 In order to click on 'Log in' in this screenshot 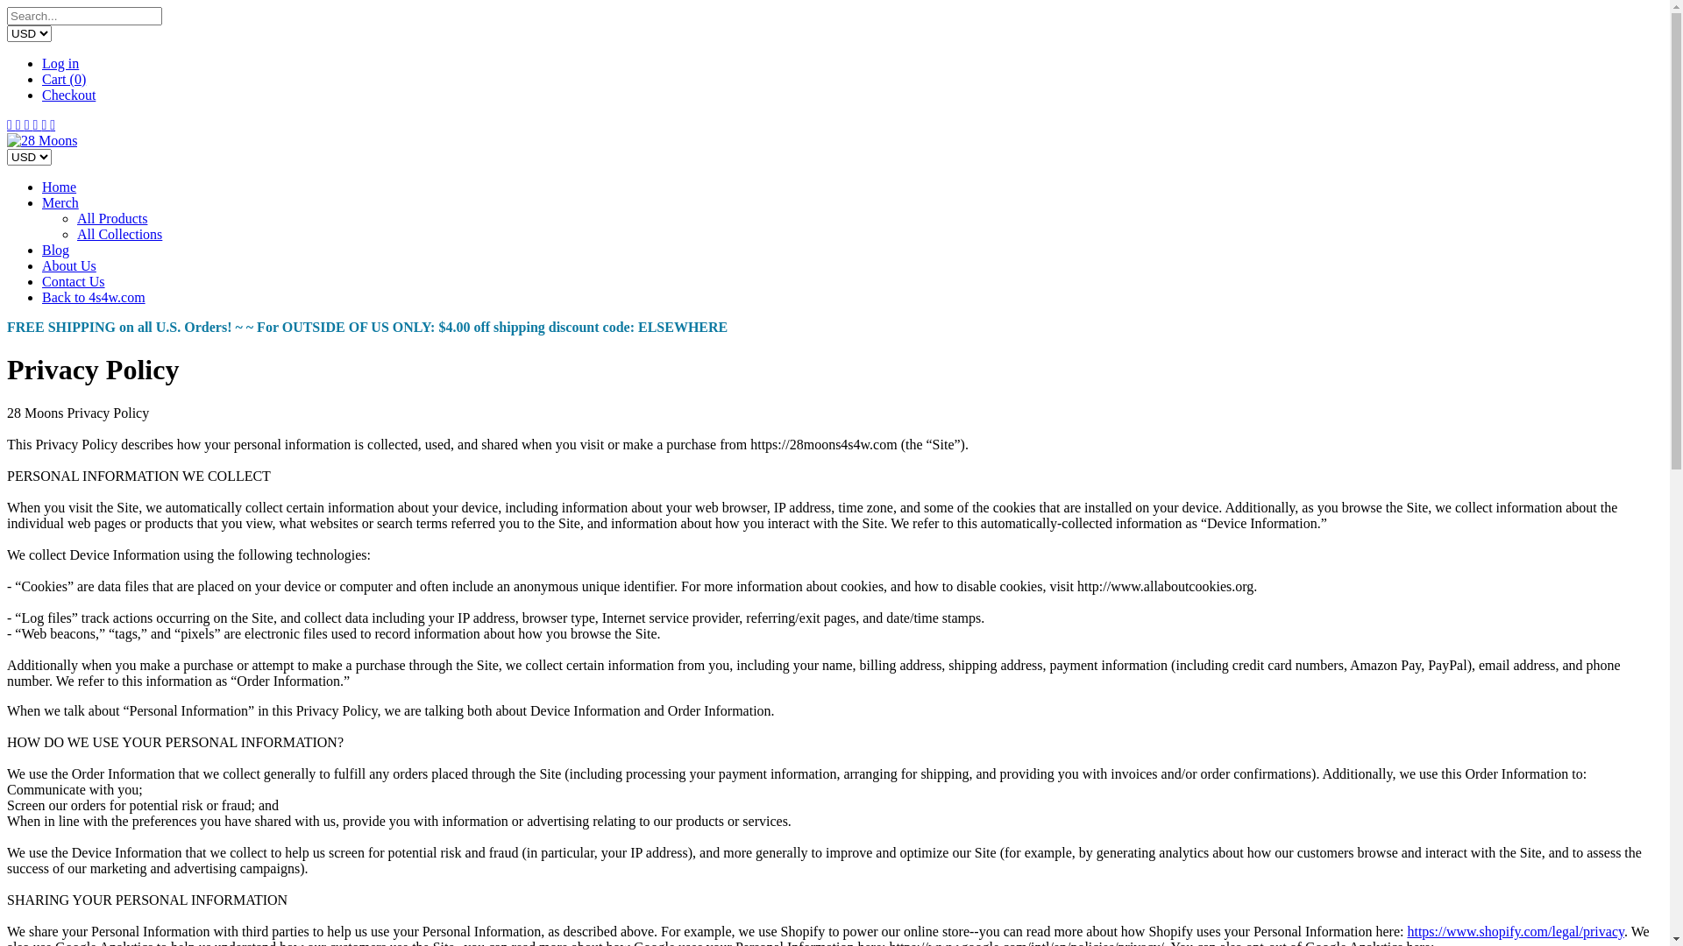, I will do `click(60, 62)`.